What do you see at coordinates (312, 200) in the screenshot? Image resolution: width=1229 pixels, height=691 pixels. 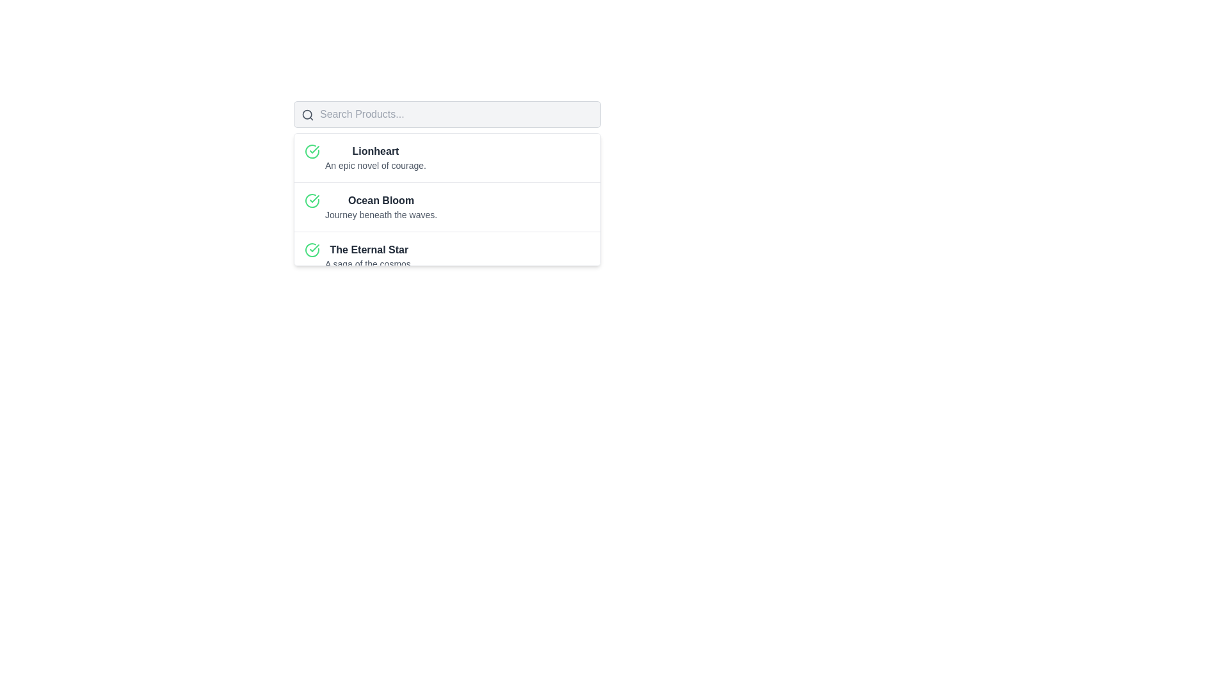 I see `the circular green check icon with a tick mark, located to the left of the 'Ocean Bloom' entry in the list` at bounding box center [312, 200].